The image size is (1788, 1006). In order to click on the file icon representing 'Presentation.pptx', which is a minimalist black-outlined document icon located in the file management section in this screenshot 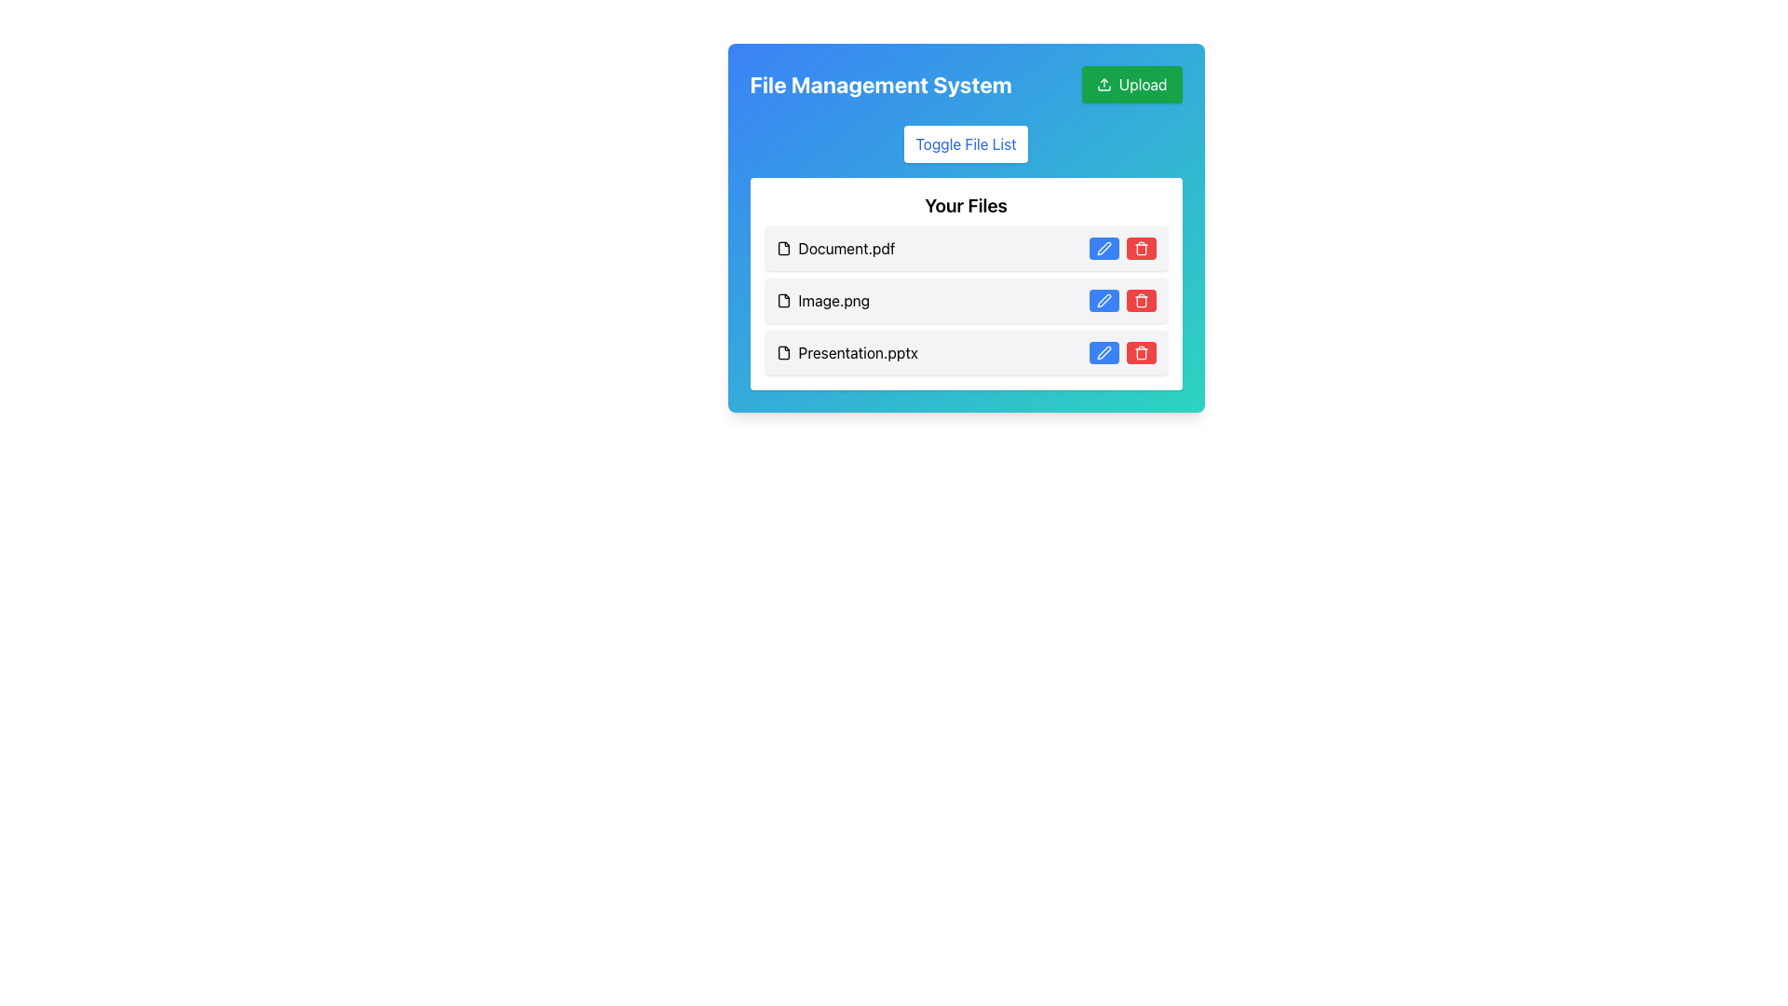, I will do `click(783, 352)`.